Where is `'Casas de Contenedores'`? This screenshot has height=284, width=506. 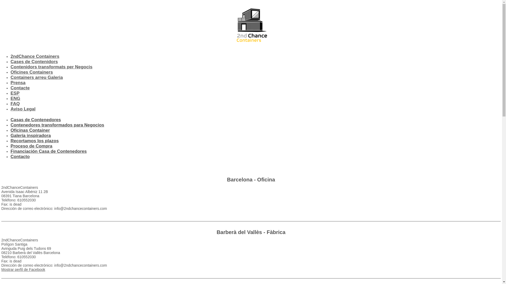 'Casas de Contenedores' is located at coordinates (35, 120).